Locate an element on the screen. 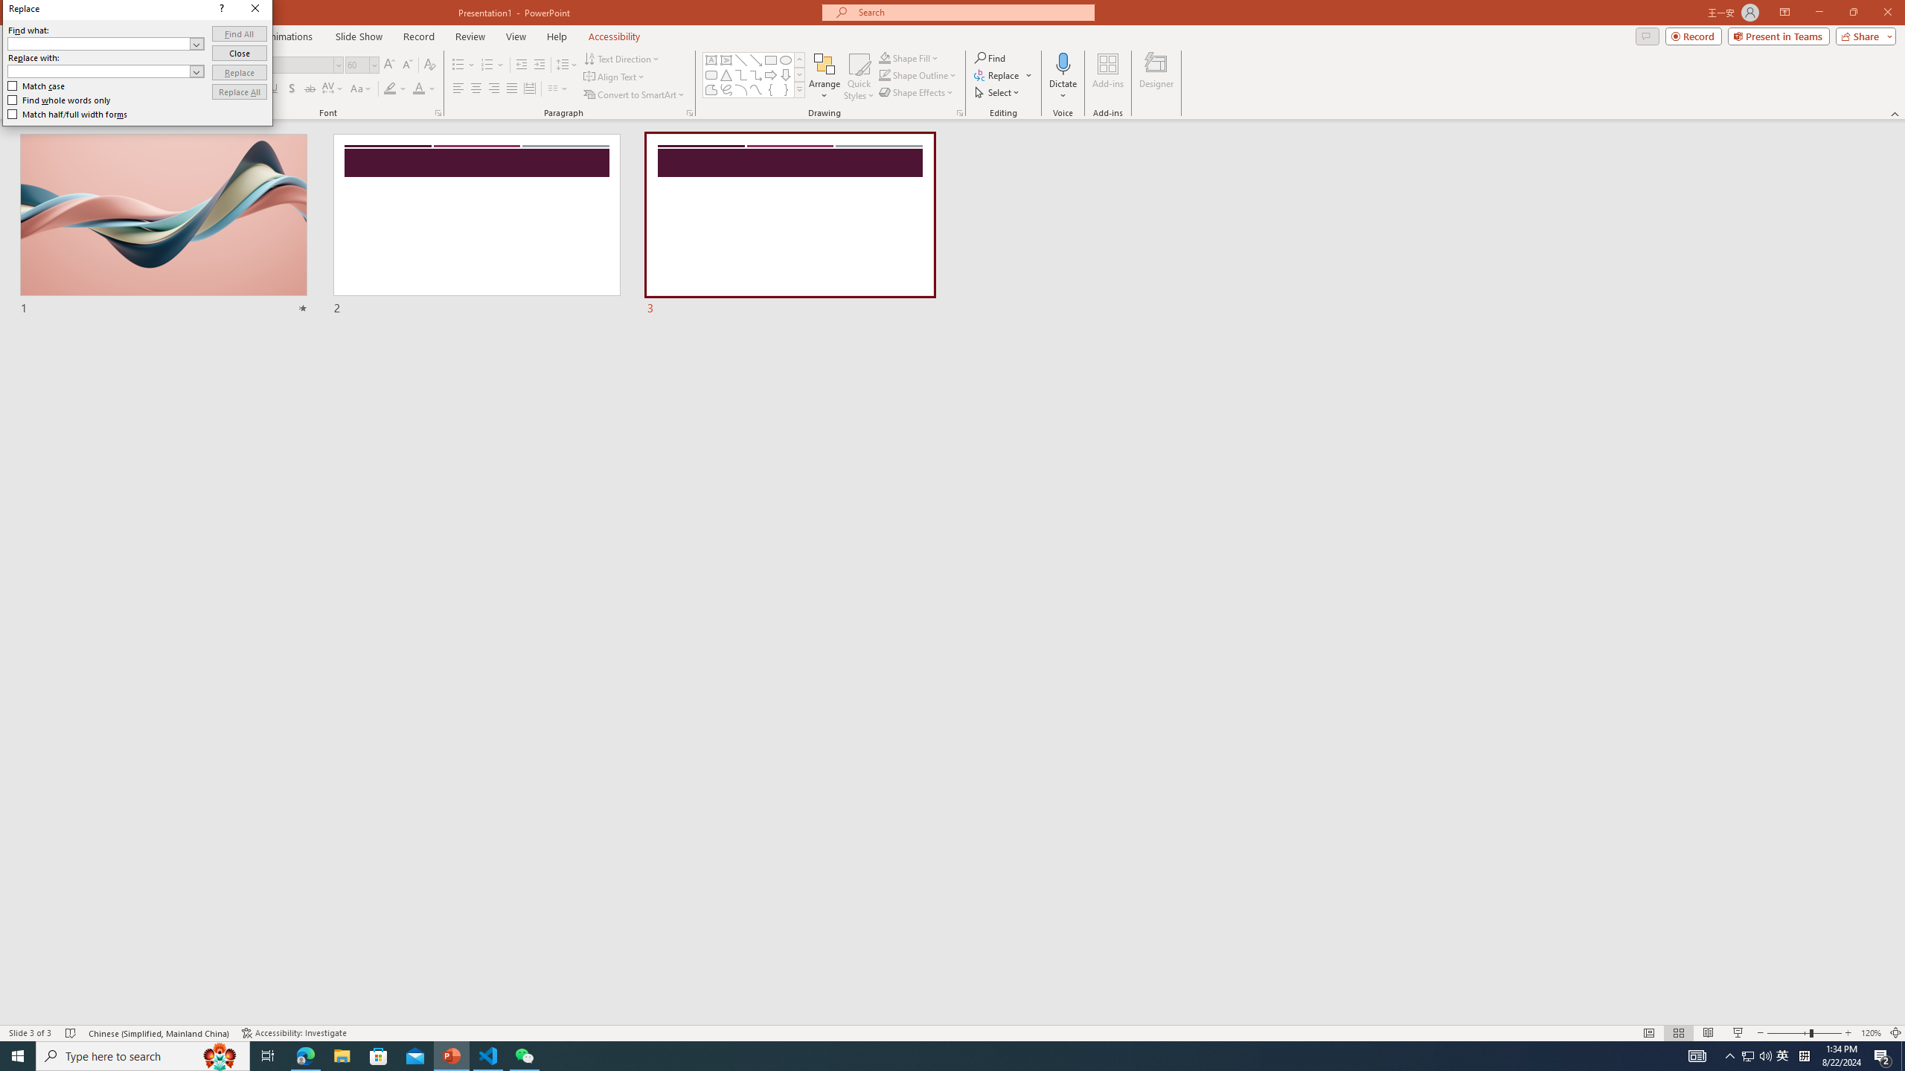  'Text Highlight Color Yellow' is located at coordinates (388, 88).